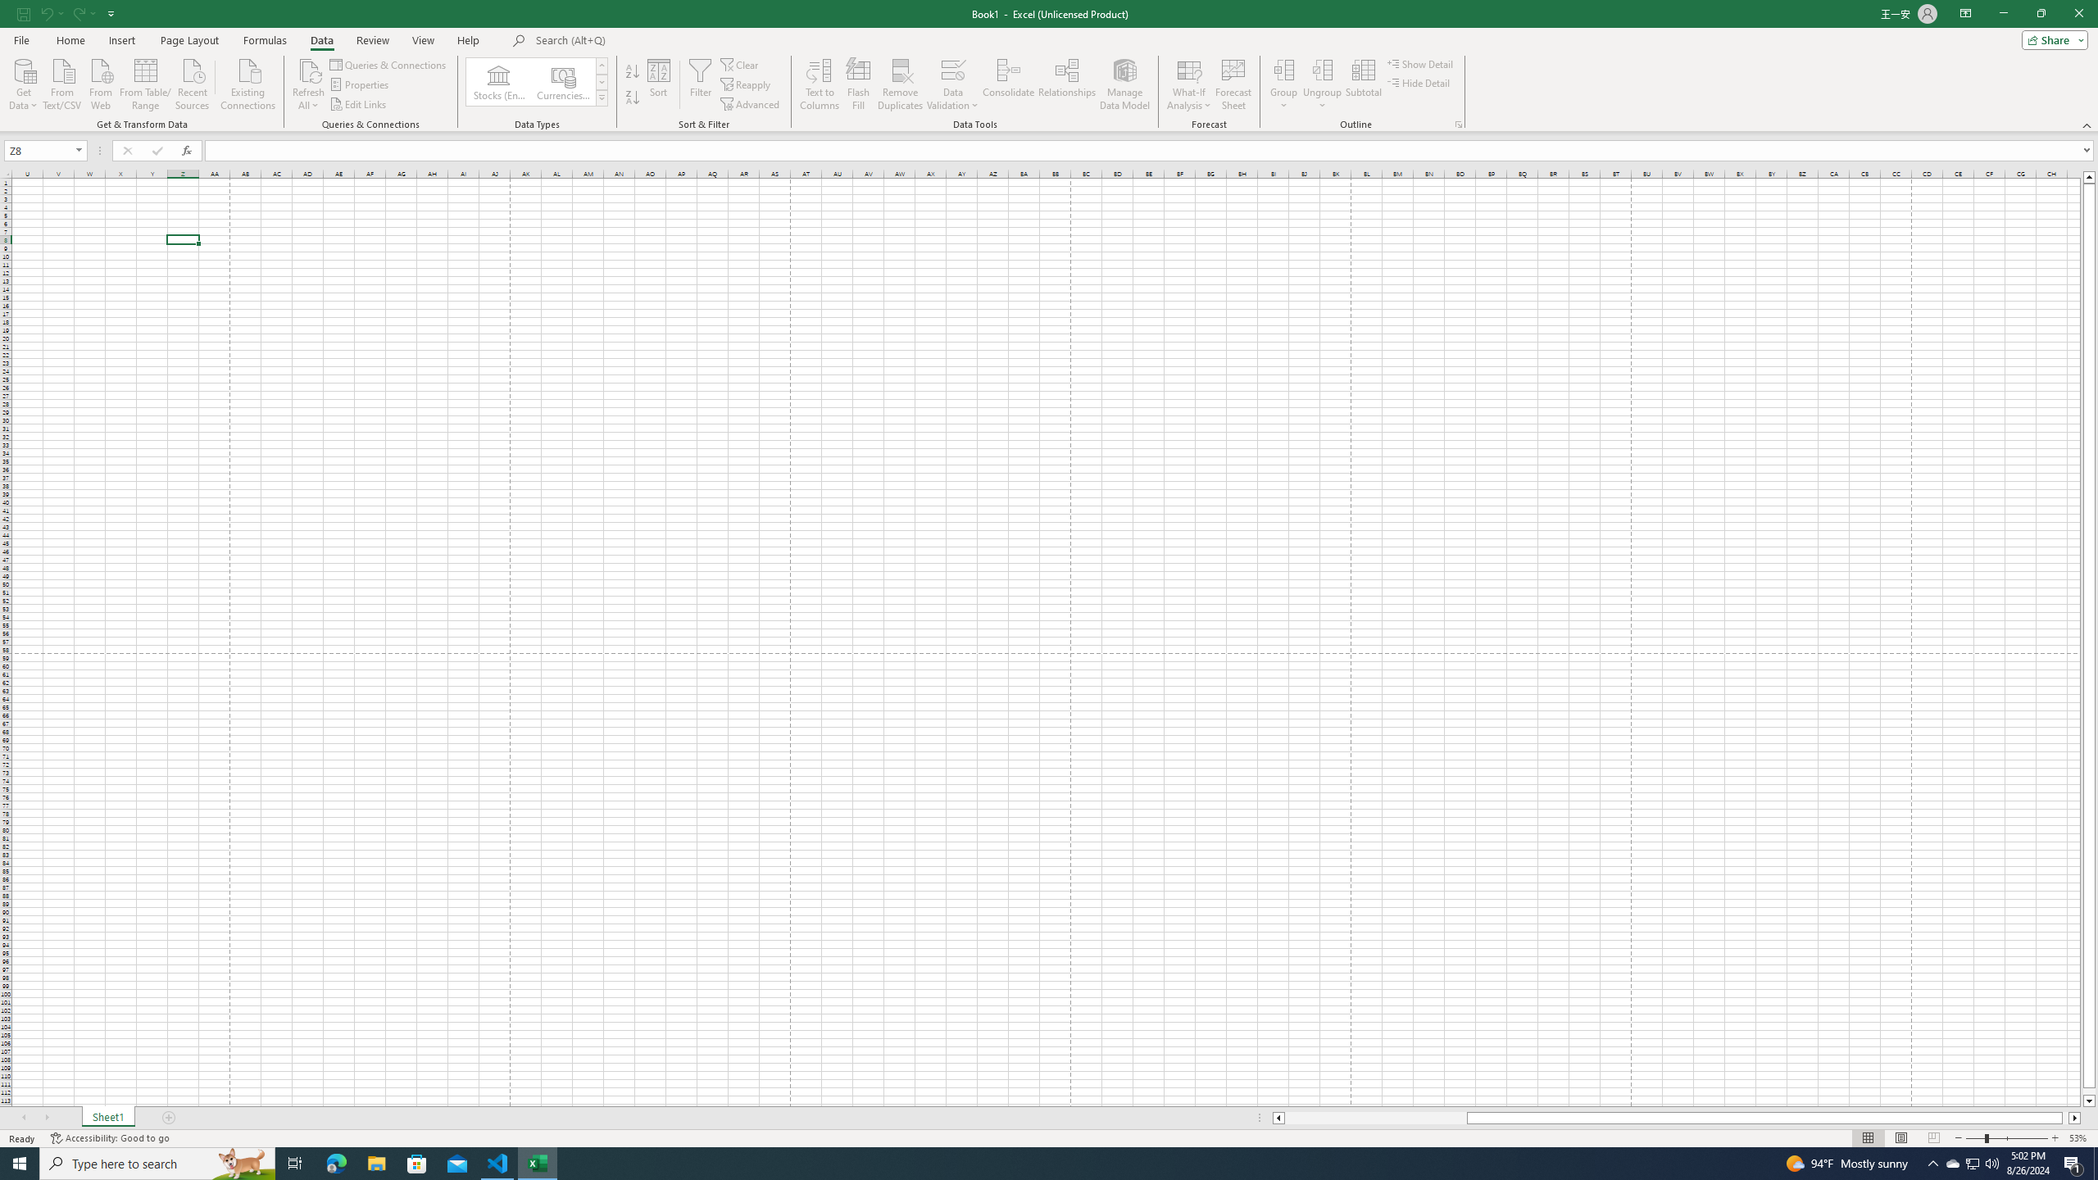 The width and height of the screenshot is (2098, 1180). Describe the element at coordinates (2064, 1117) in the screenshot. I see `'Page right'` at that location.